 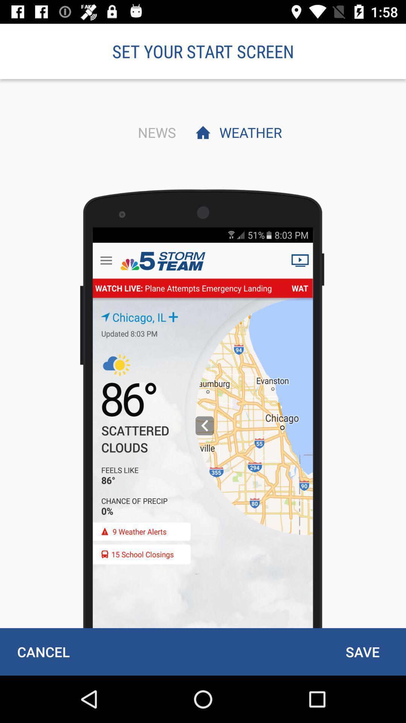 What do you see at coordinates (203, 51) in the screenshot?
I see `icon above news item` at bounding box center [203, 51].